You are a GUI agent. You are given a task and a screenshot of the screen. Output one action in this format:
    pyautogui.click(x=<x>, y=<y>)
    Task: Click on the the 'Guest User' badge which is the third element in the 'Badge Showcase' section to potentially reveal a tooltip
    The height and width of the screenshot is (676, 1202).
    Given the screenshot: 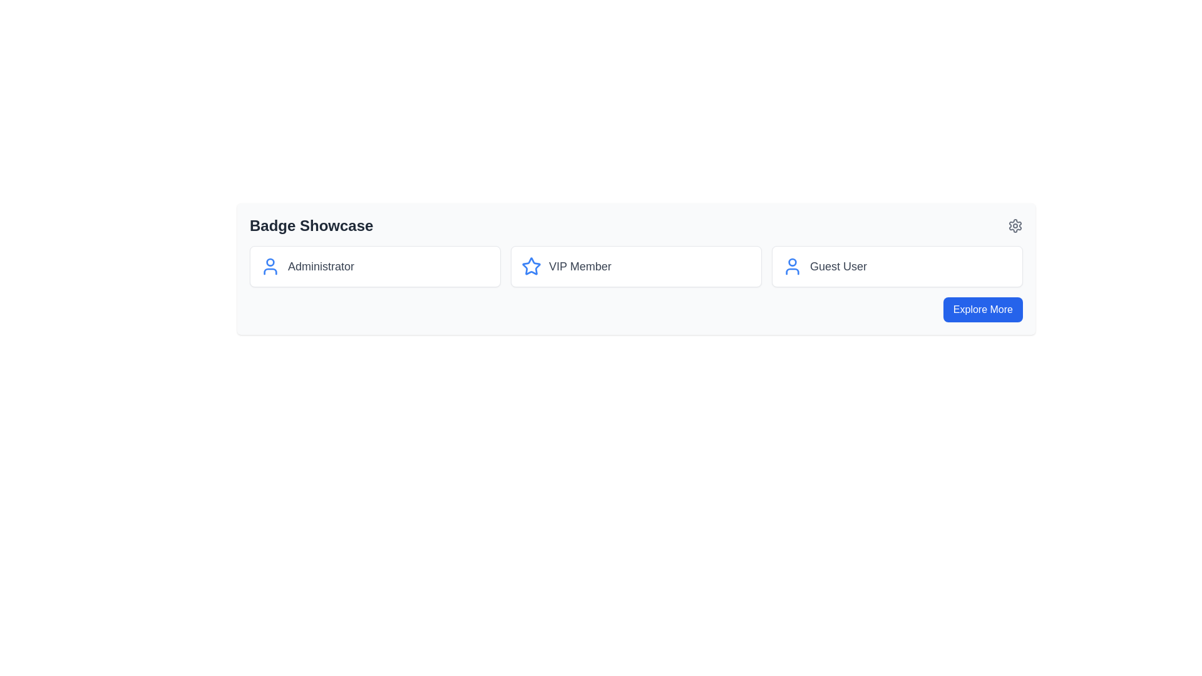 What is the action you would take?
    pyautogui.click(x=896, y=265)
    